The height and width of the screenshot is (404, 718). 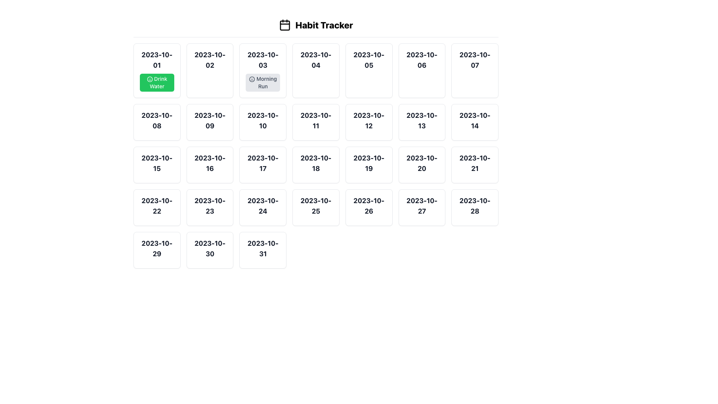 I want to click on the date indicator card for '2023-10-04' located in the first row and fourth column of the calendar interface, so click(x=316, y=71).